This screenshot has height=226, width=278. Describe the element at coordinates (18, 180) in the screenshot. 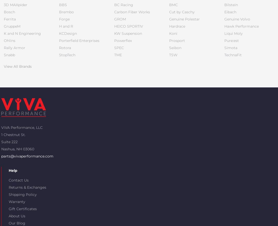

I see `'Contact Us'` at that location.